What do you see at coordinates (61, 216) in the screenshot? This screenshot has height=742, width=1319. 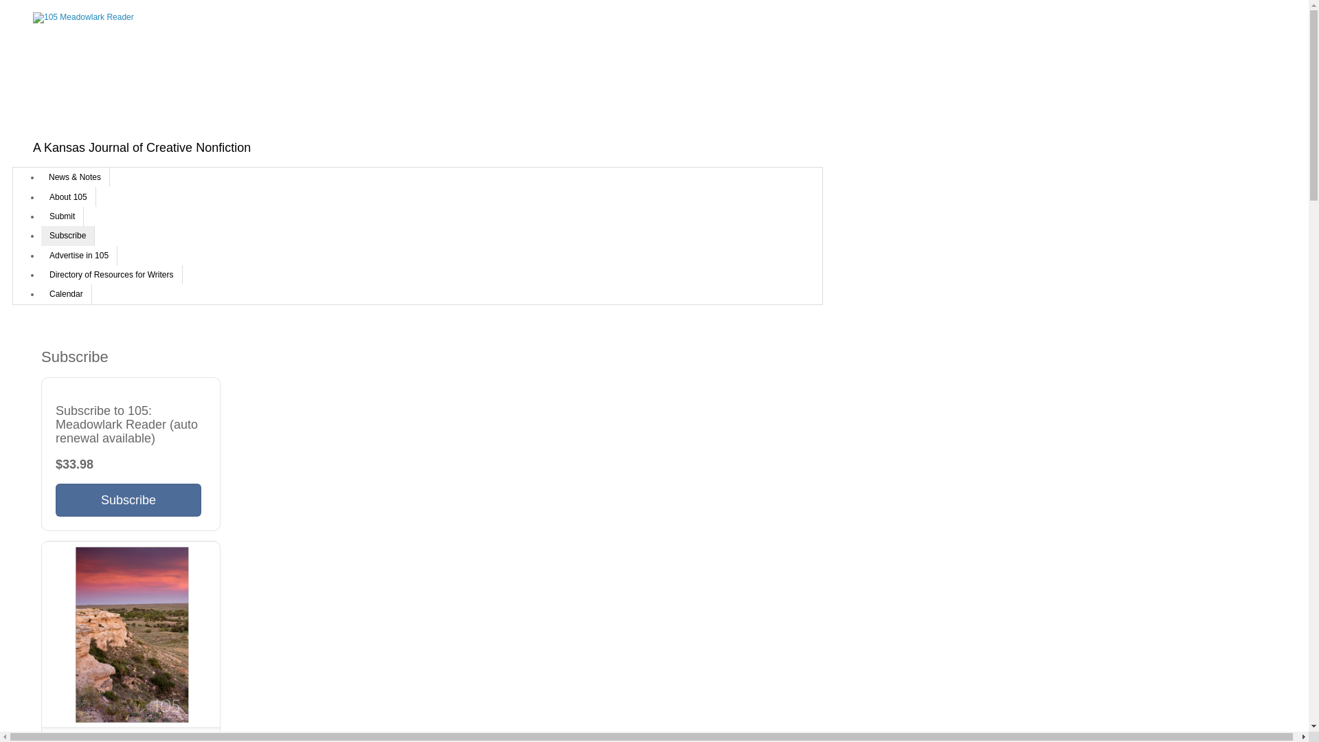 I see `'Submit'` at bounding box center [61, 216].